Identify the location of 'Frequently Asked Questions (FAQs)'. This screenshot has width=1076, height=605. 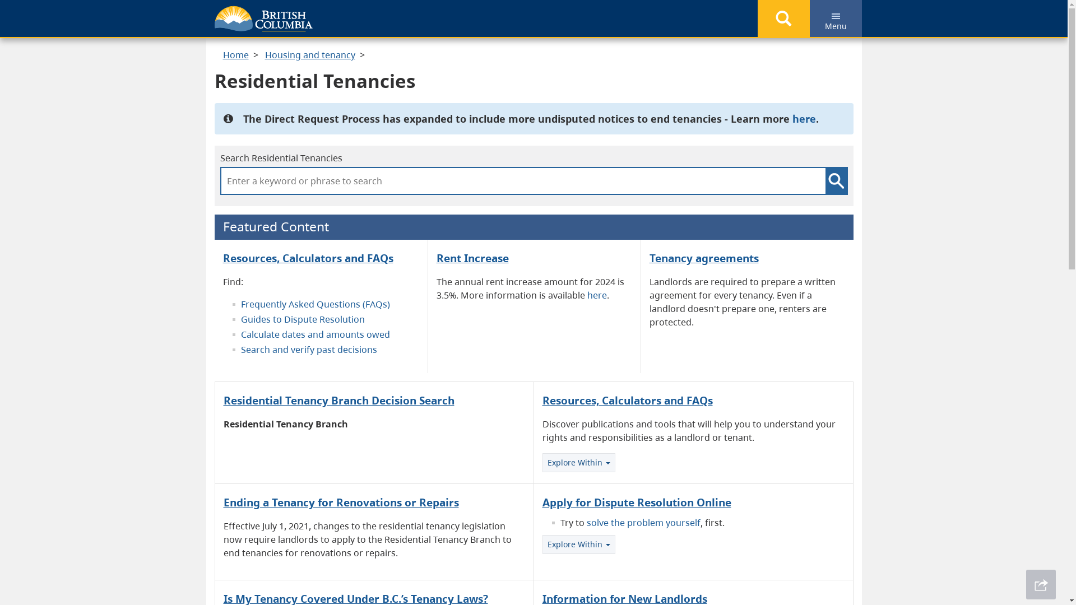
(314, 304).